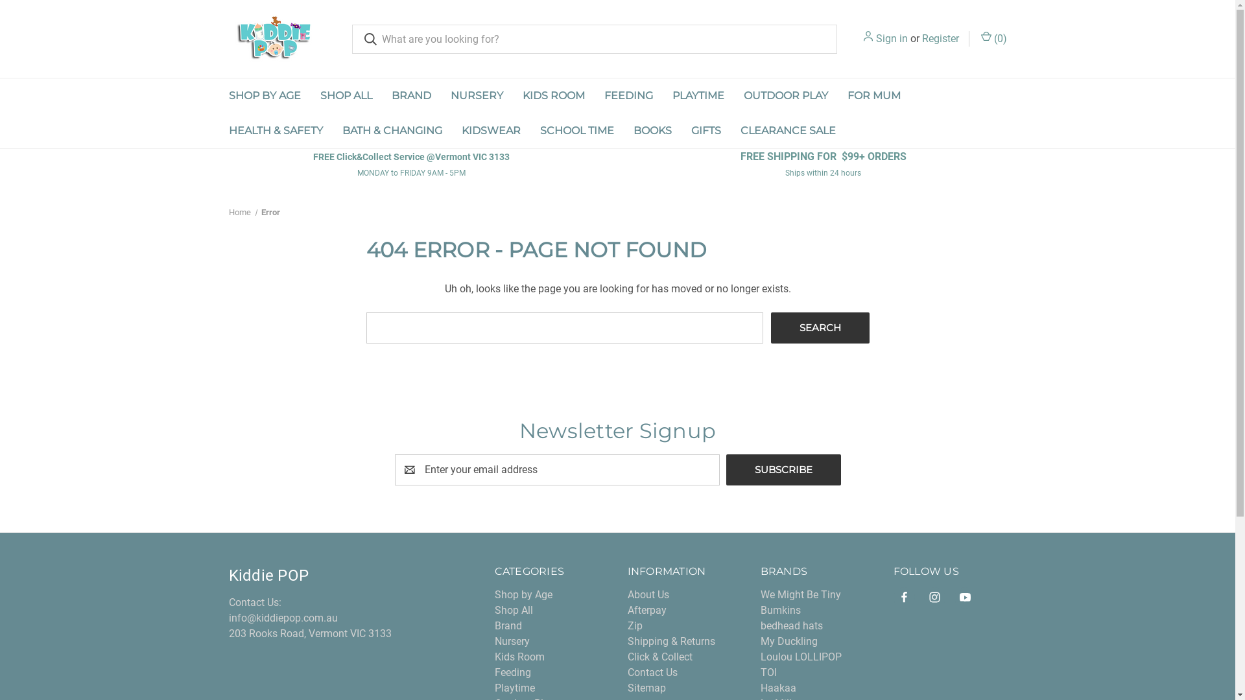 The height and width of the screenshot is (700, 1245). What do you see at coordinates (780, 610) in the screenshot?
I see `'Bumkins'` at bounding box center [780, 610].